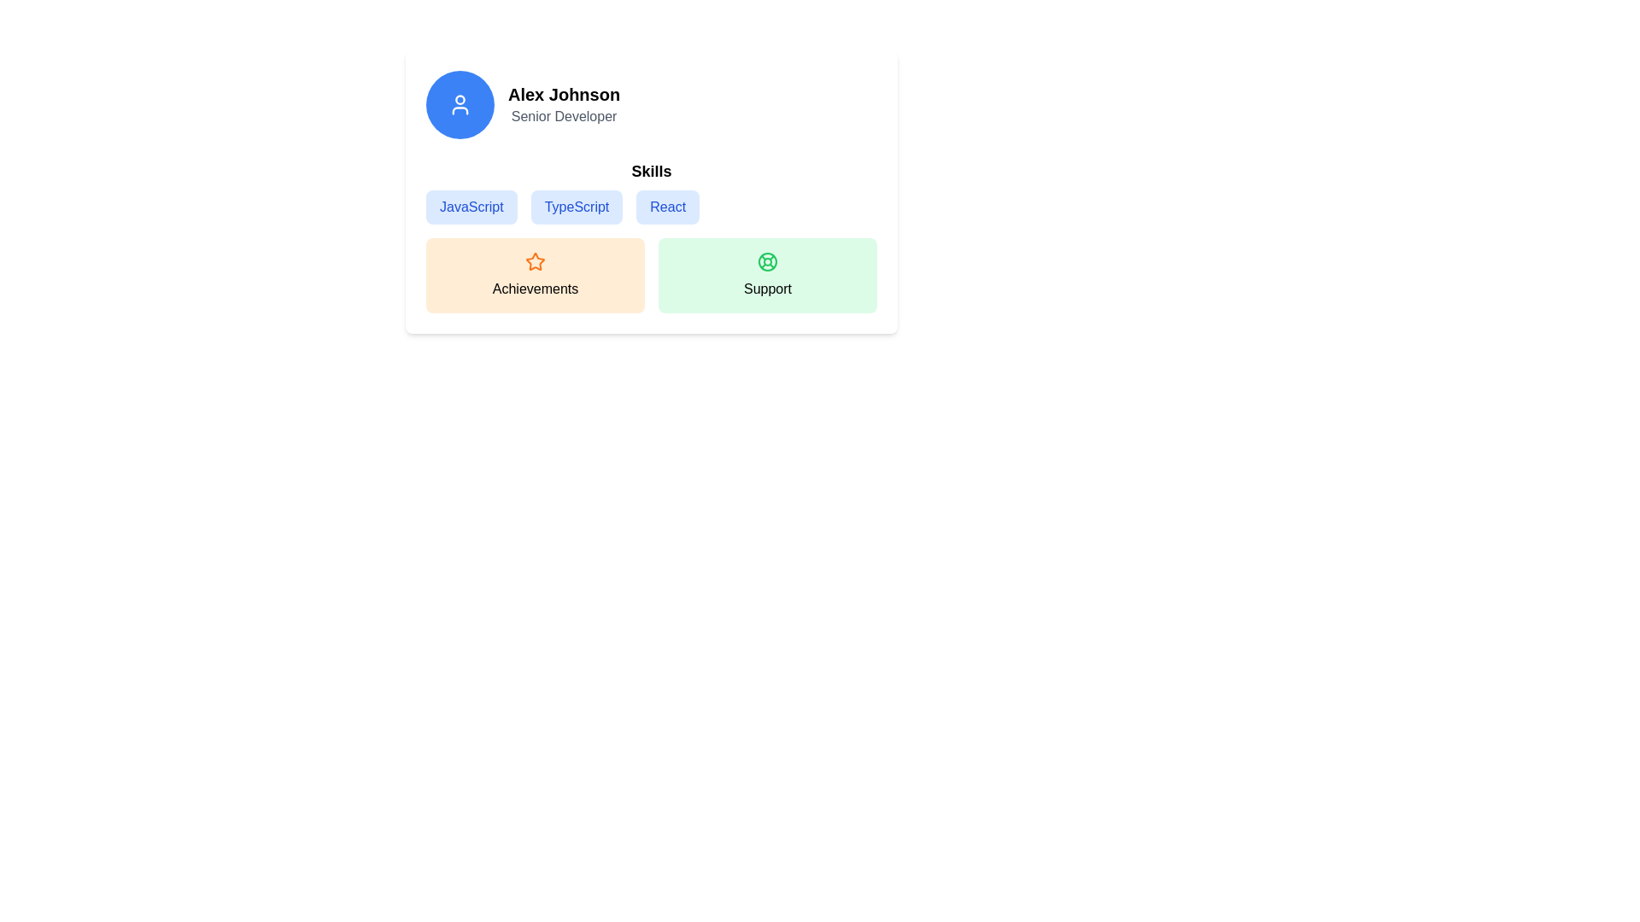  Describe the element at coordinates (667, 207) in the screenshot. I see `the label with the text 'React', which has a blue background and rounded corners, located centrally in the horizontal row of skills elements` at that location.